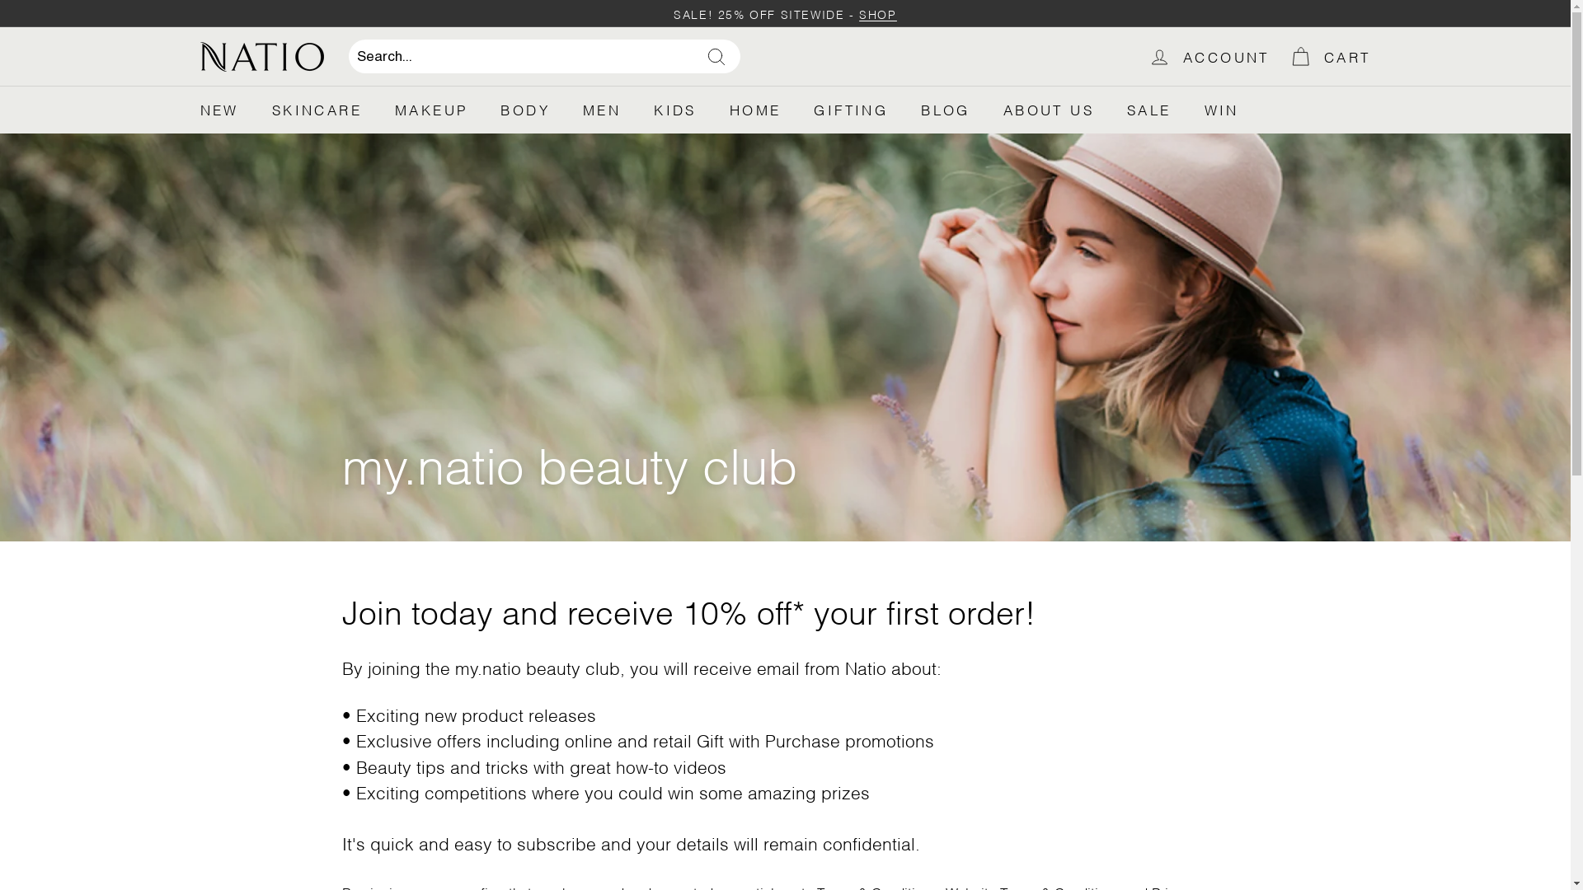 This screenshot has width=1583, height=890. What do you see at coordinates (946, 109) in the screenshot?
I see `'BLOG'` at bounding box center [946, 109].